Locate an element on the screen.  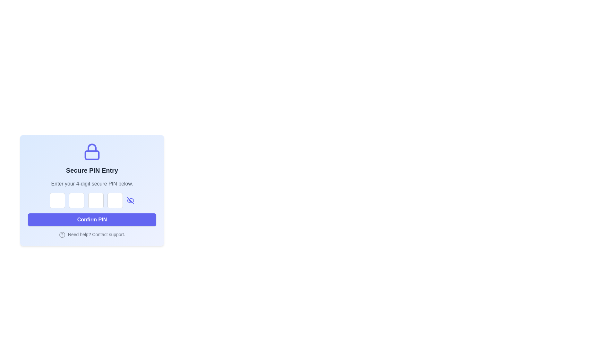
the security icon located near the top of the dialog box, just above the 'Secure PIN Entry' text is located at coordinates (92, 152).